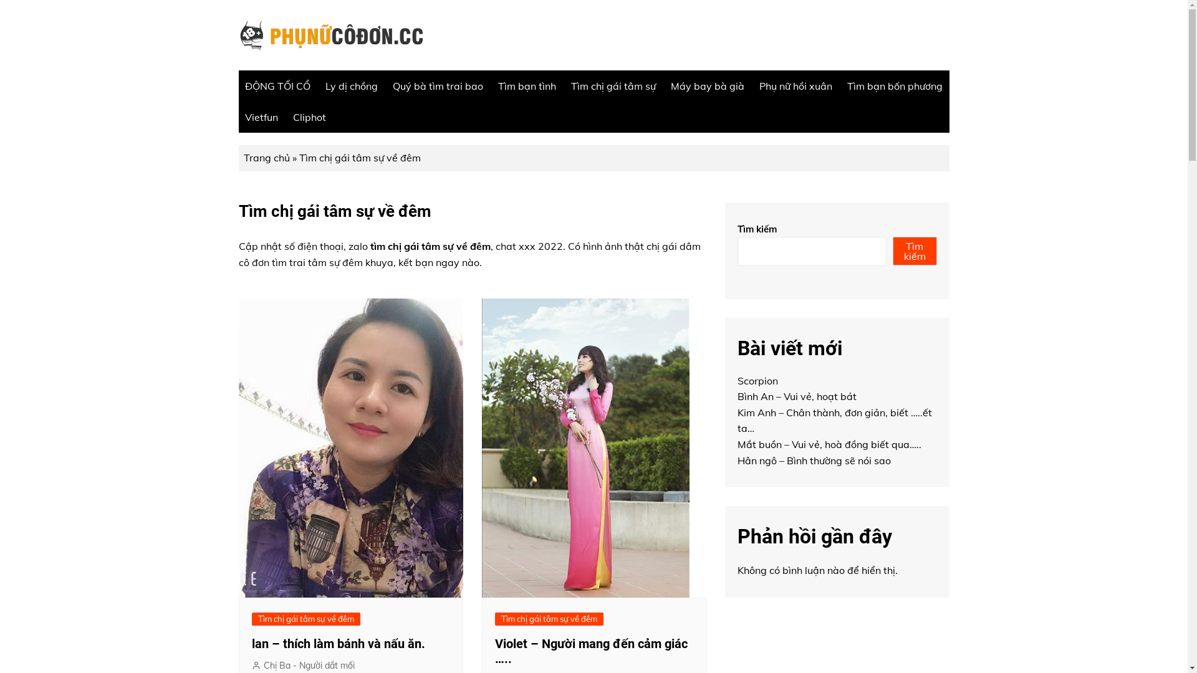 The width and height of the screenshot is (1197, 673). What do you see at coordinates (260, 117) in the screenshot?
I see `'Vietfun'` at bounding box center [260, 117].